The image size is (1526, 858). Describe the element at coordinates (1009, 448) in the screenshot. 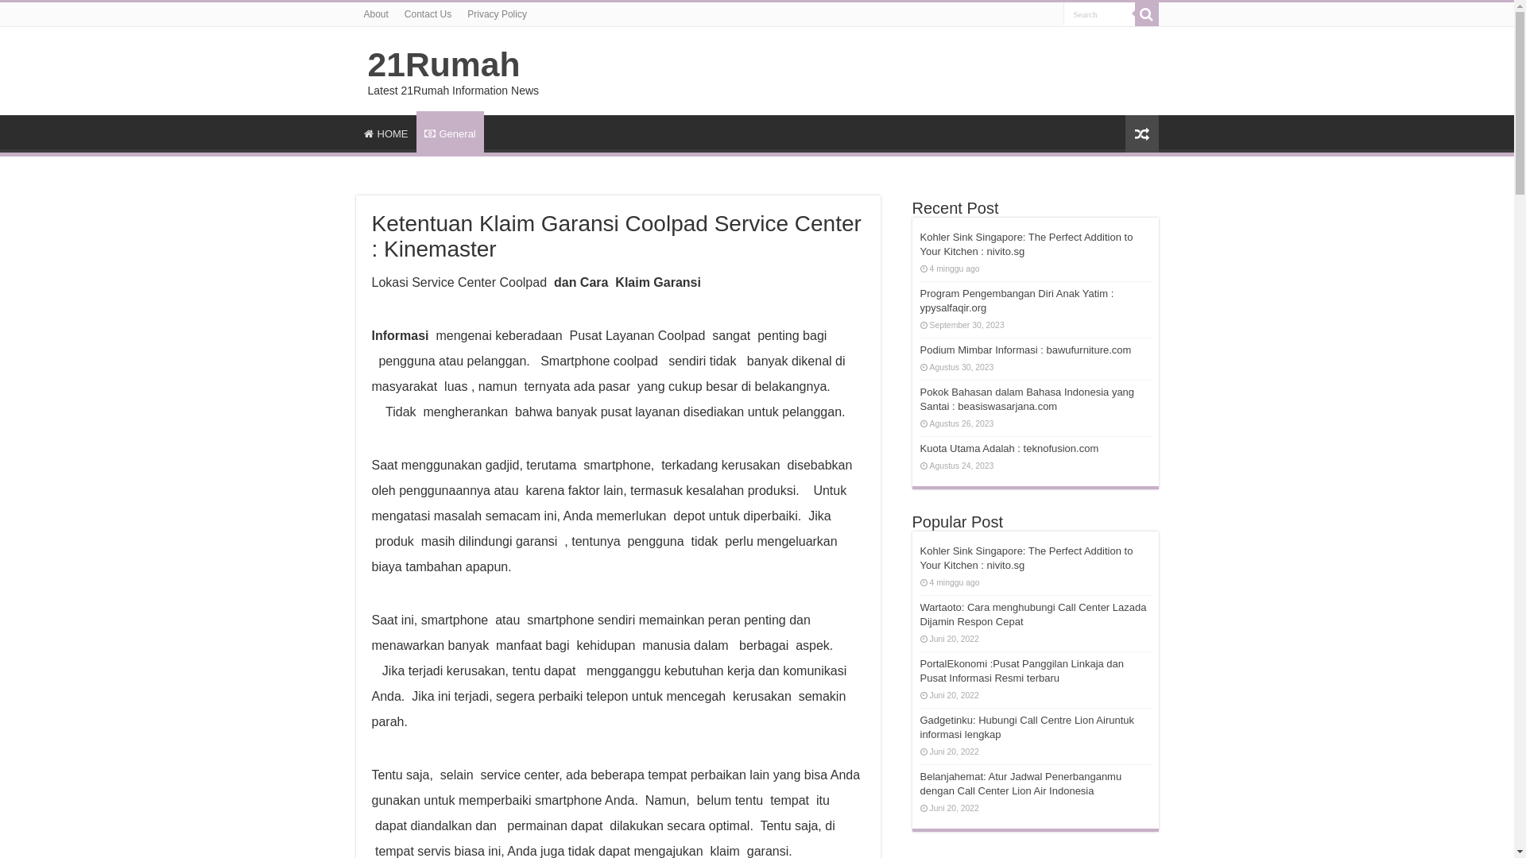

I see `'Kuota Utama Adalah : teknofusion.com'` at that location.